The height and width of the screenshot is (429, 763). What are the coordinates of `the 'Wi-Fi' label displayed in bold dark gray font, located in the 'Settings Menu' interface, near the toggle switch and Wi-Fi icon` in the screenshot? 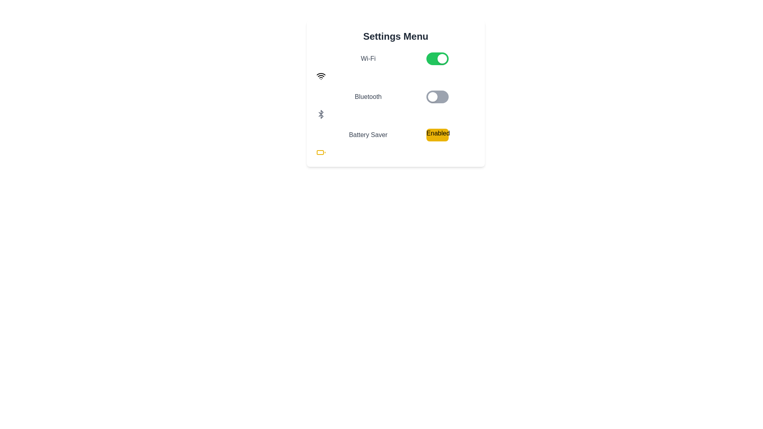 It's located at (368, 58).